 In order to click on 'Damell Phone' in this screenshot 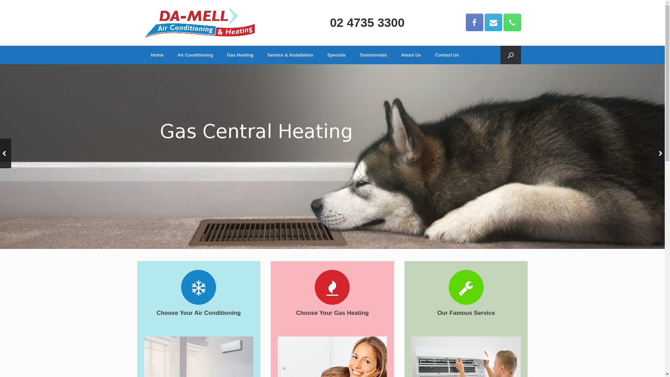, I will do `click(512, 22)`.